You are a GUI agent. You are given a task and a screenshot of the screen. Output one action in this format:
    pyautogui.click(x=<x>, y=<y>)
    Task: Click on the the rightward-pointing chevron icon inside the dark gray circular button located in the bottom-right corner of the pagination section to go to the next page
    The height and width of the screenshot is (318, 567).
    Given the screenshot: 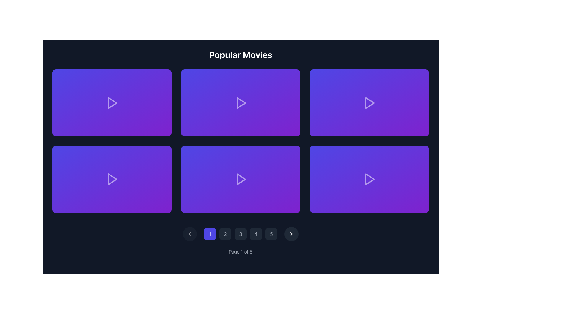 What is the action you would take?
    pyautogui.click(x=291, y=233)
    